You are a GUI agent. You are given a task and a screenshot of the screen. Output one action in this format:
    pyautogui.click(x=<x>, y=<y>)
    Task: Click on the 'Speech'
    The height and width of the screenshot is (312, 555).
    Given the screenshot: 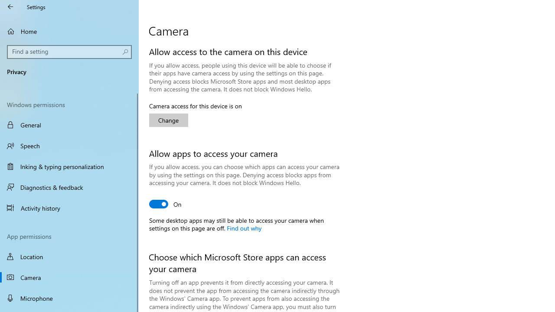 What is the action you would take?
    pyautogui.click(x=69, y=145)
    